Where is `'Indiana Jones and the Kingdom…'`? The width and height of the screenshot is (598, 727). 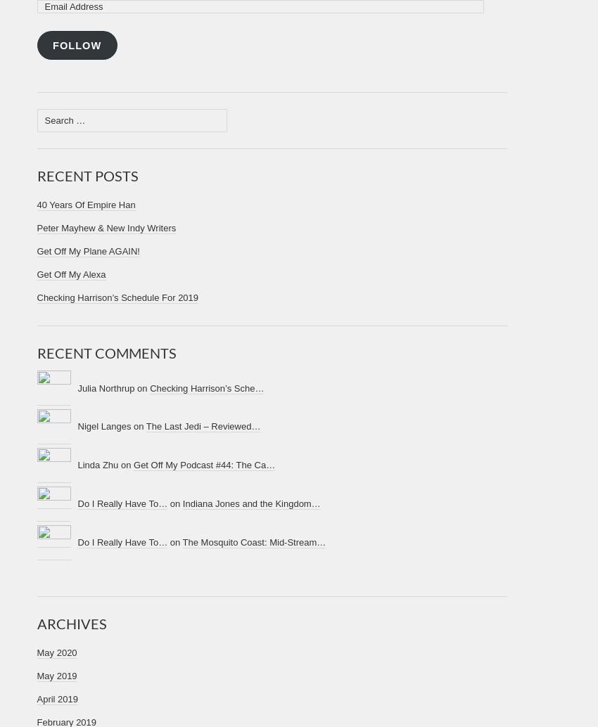
'Indiana Jones and the Kingdom…' is located at coordinates (250, 503).